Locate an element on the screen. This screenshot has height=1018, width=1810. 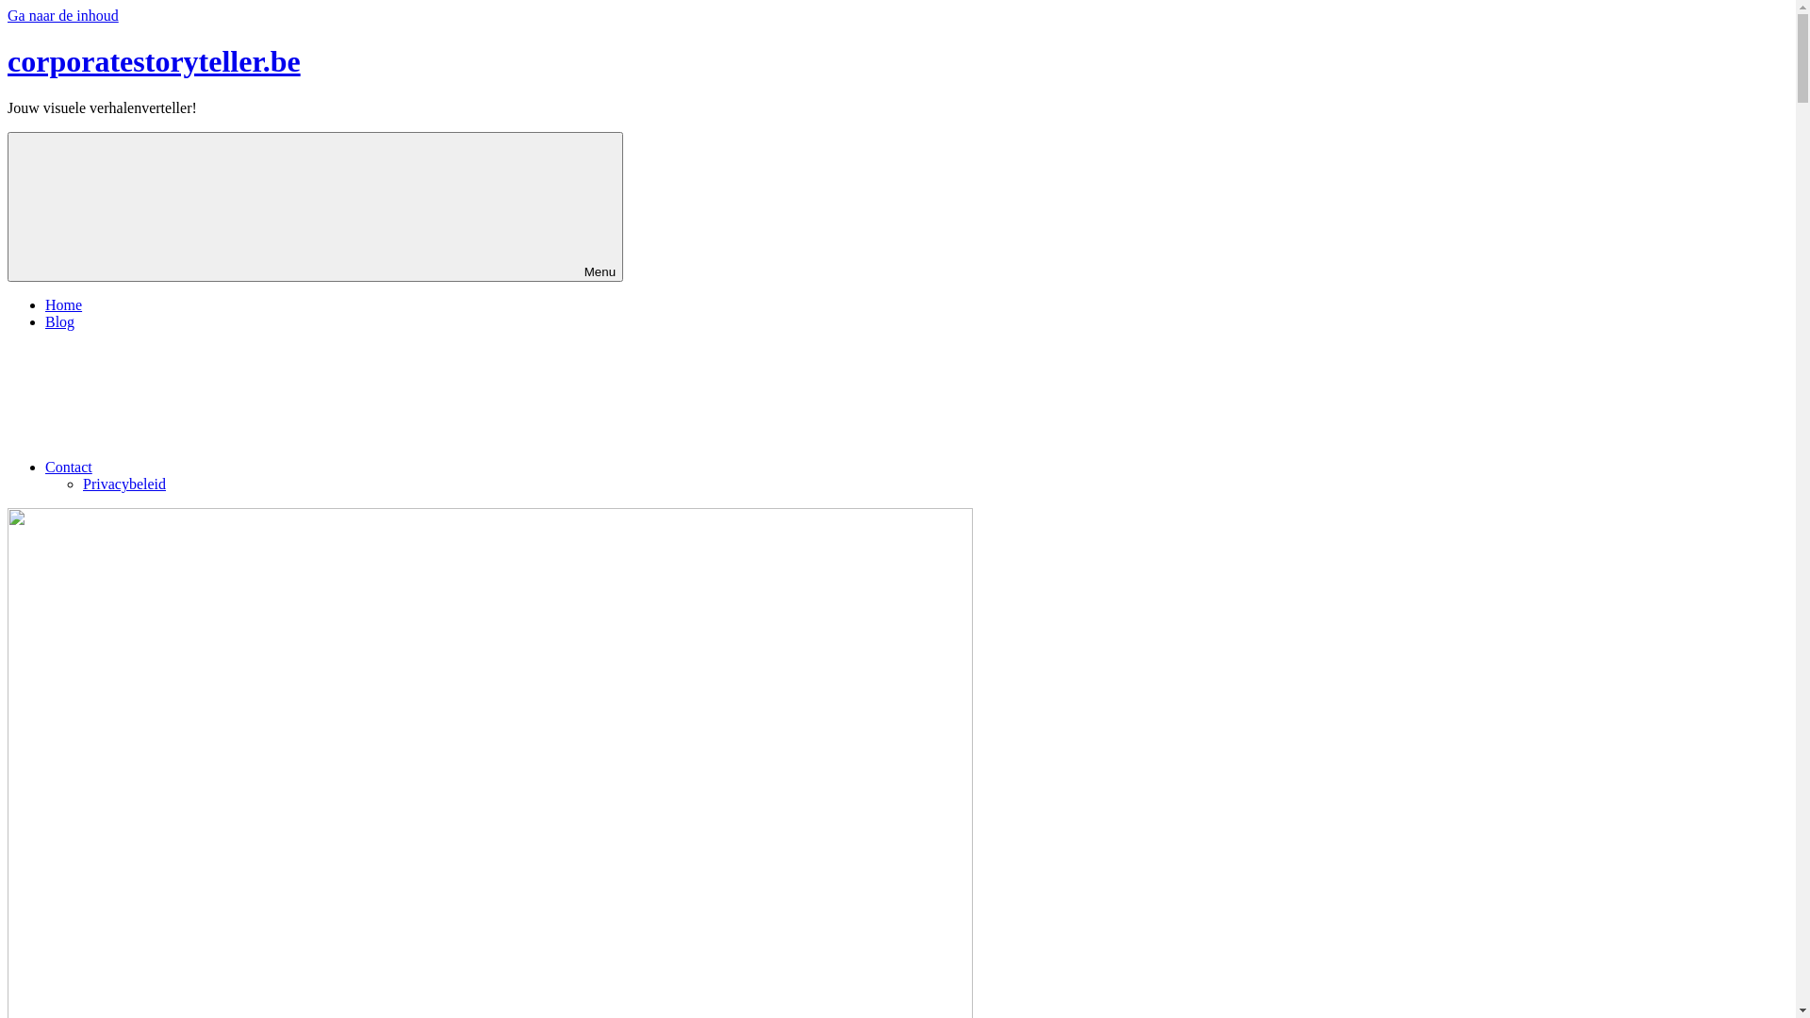
'Privacybeleid' is located at coordinates (123, 483).